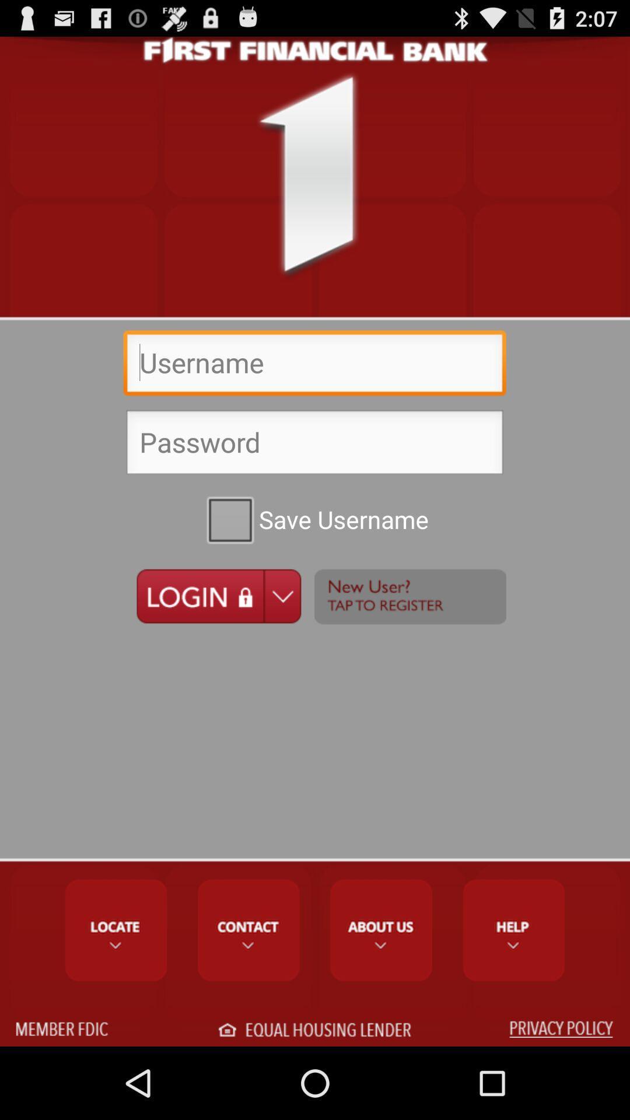  Describe the element at coordinates (409, 639) in the screenshot. I see `the more icon` at that location.